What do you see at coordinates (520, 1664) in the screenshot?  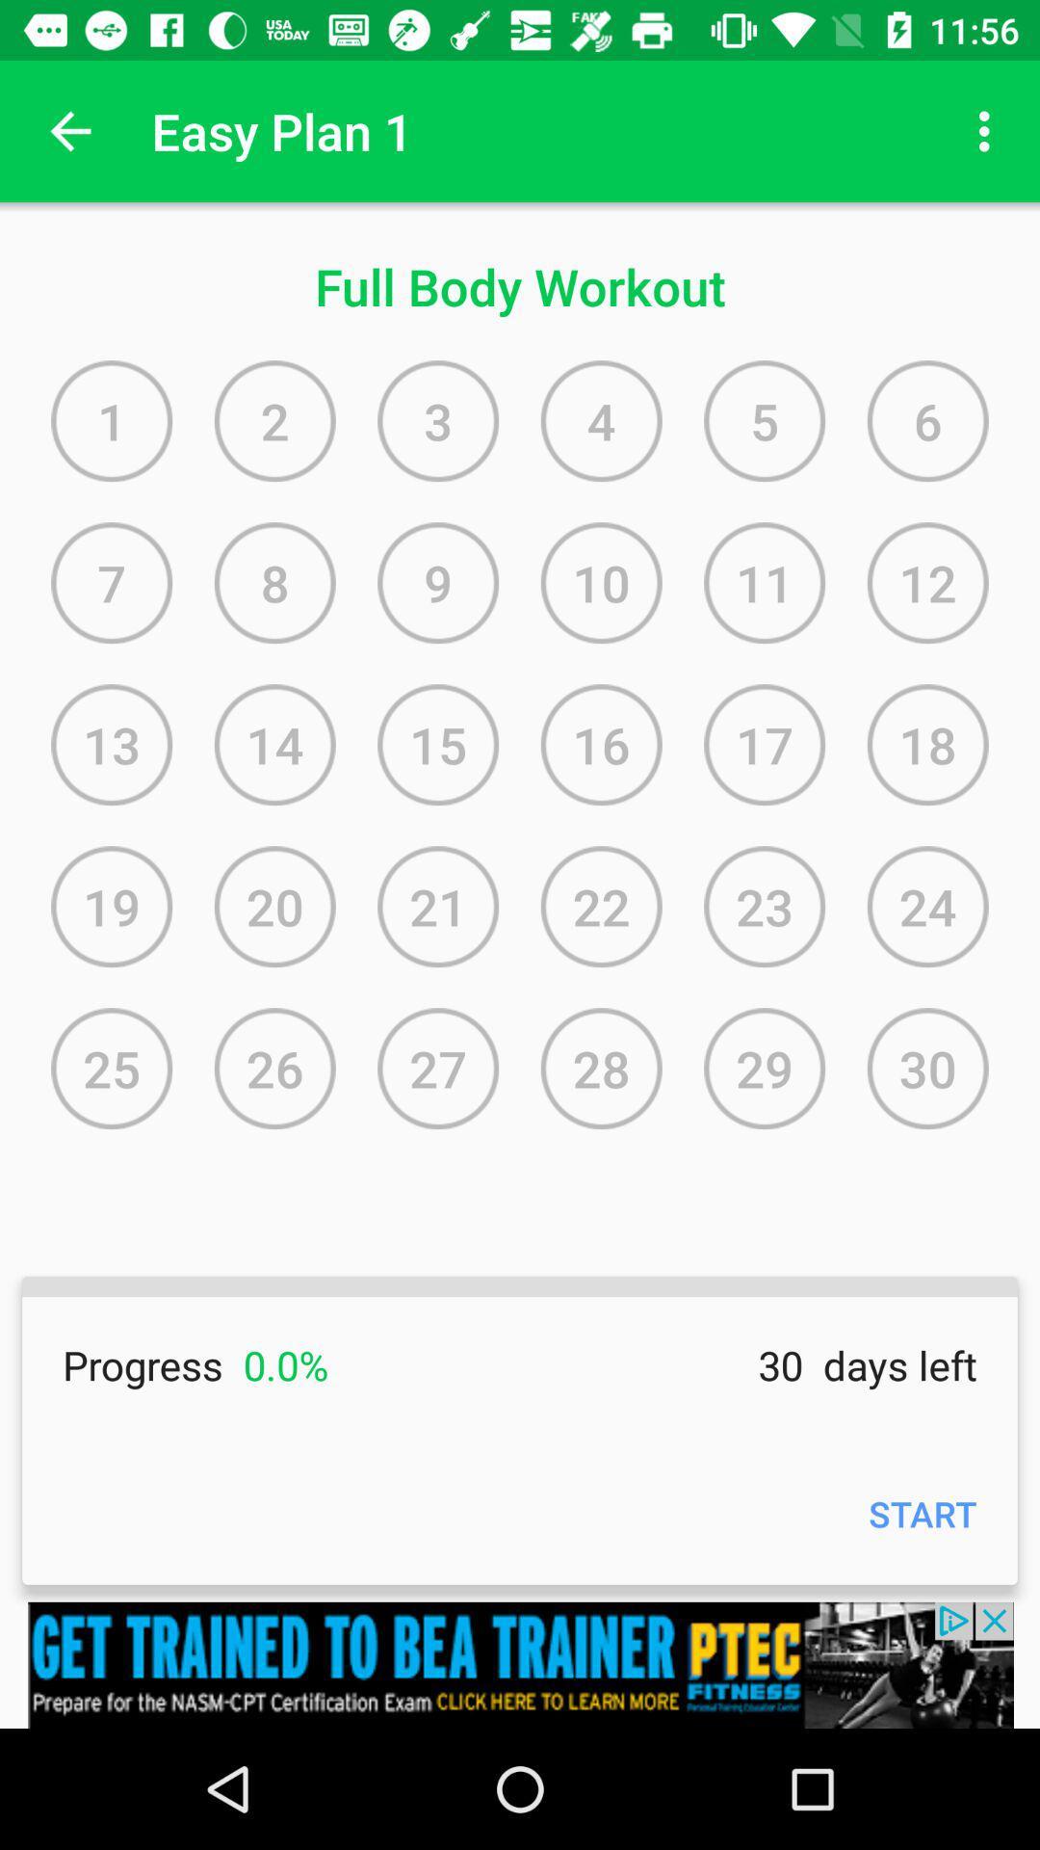 I see `open advertisement` at bounding box center [520, 1664].